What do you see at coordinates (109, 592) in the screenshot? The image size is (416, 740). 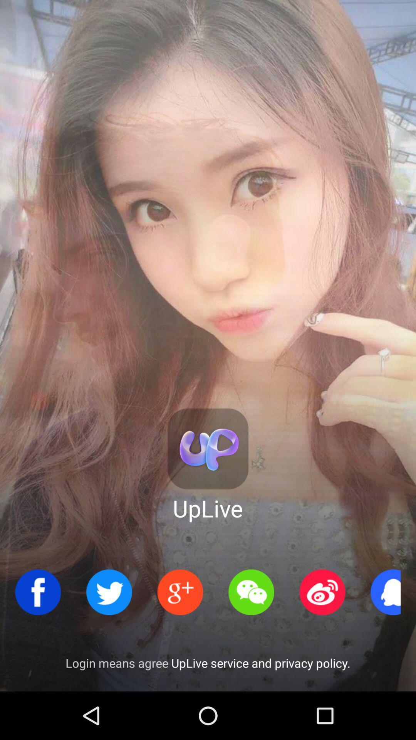 I see `the twitter icon` at bounding box center [109, 592].